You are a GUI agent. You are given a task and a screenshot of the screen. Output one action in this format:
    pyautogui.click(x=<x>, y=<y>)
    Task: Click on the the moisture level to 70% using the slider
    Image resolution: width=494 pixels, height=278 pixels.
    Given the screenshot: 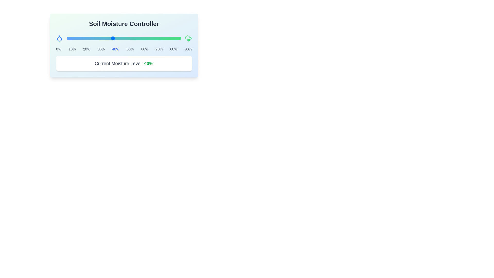 What is the action you would take?
    pyautogui.click(x=146, y=38)
    